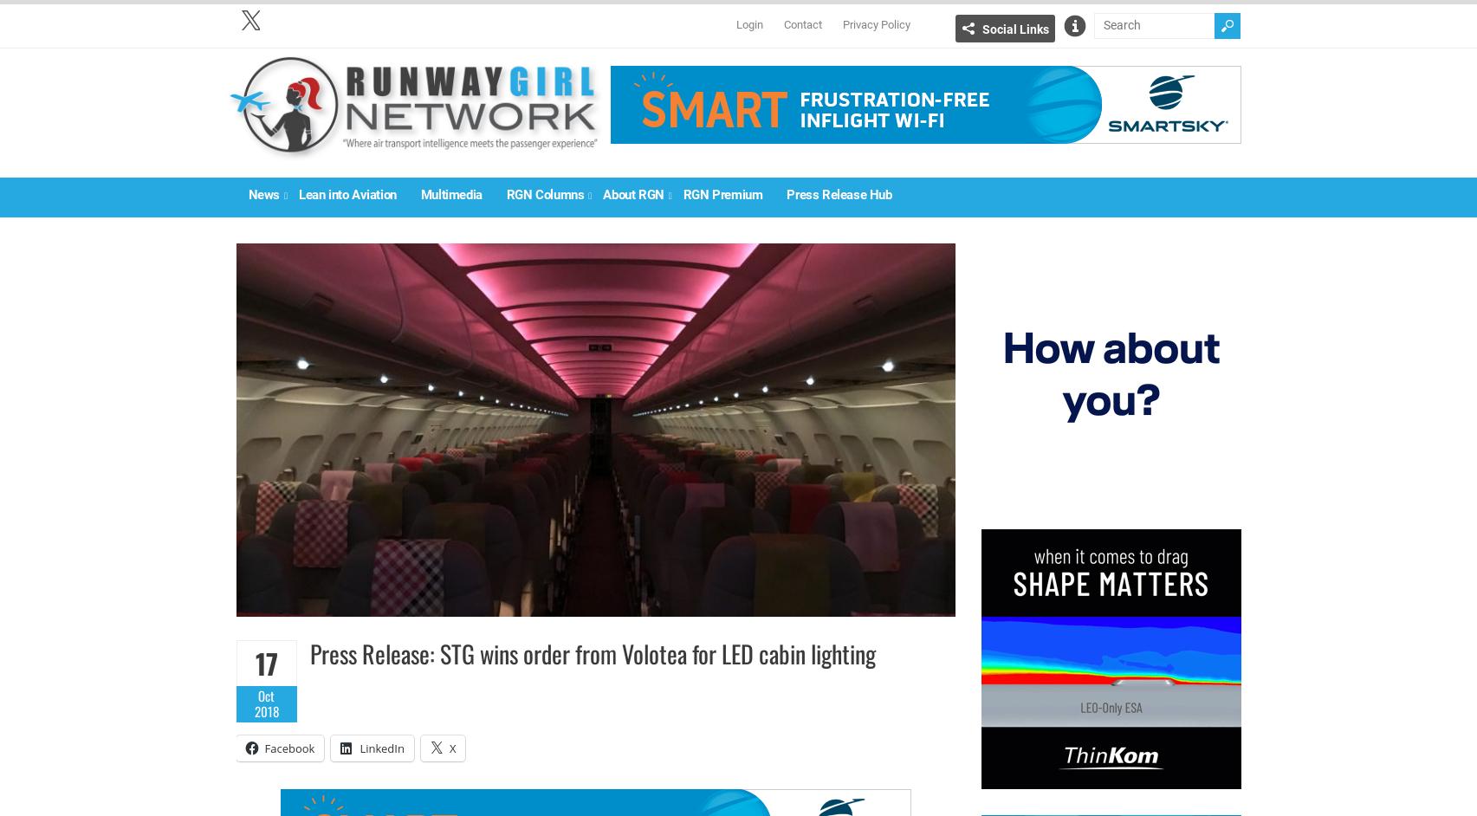 Image resolution: width=1477 pixels, height=816 pixels. I want to click on 'LinkedIn', so click(380, 747).